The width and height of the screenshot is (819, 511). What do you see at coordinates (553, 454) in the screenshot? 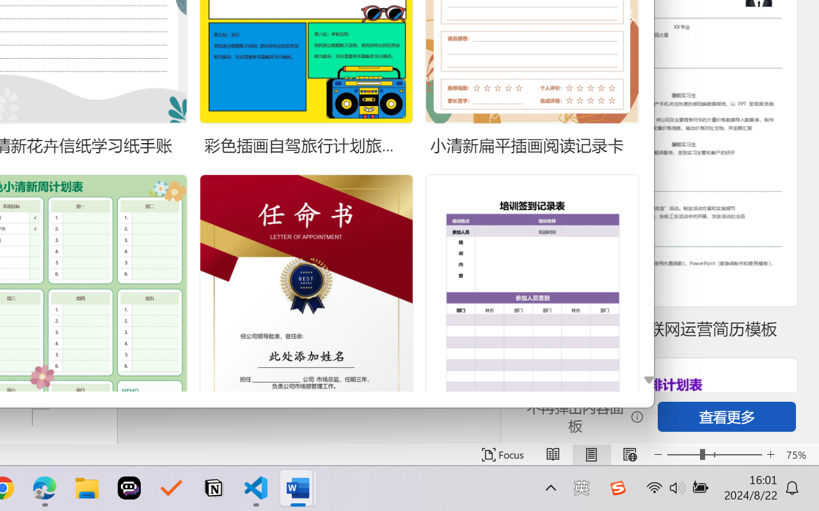
I see `'Read Mode'` at bounding box center [553, 454].